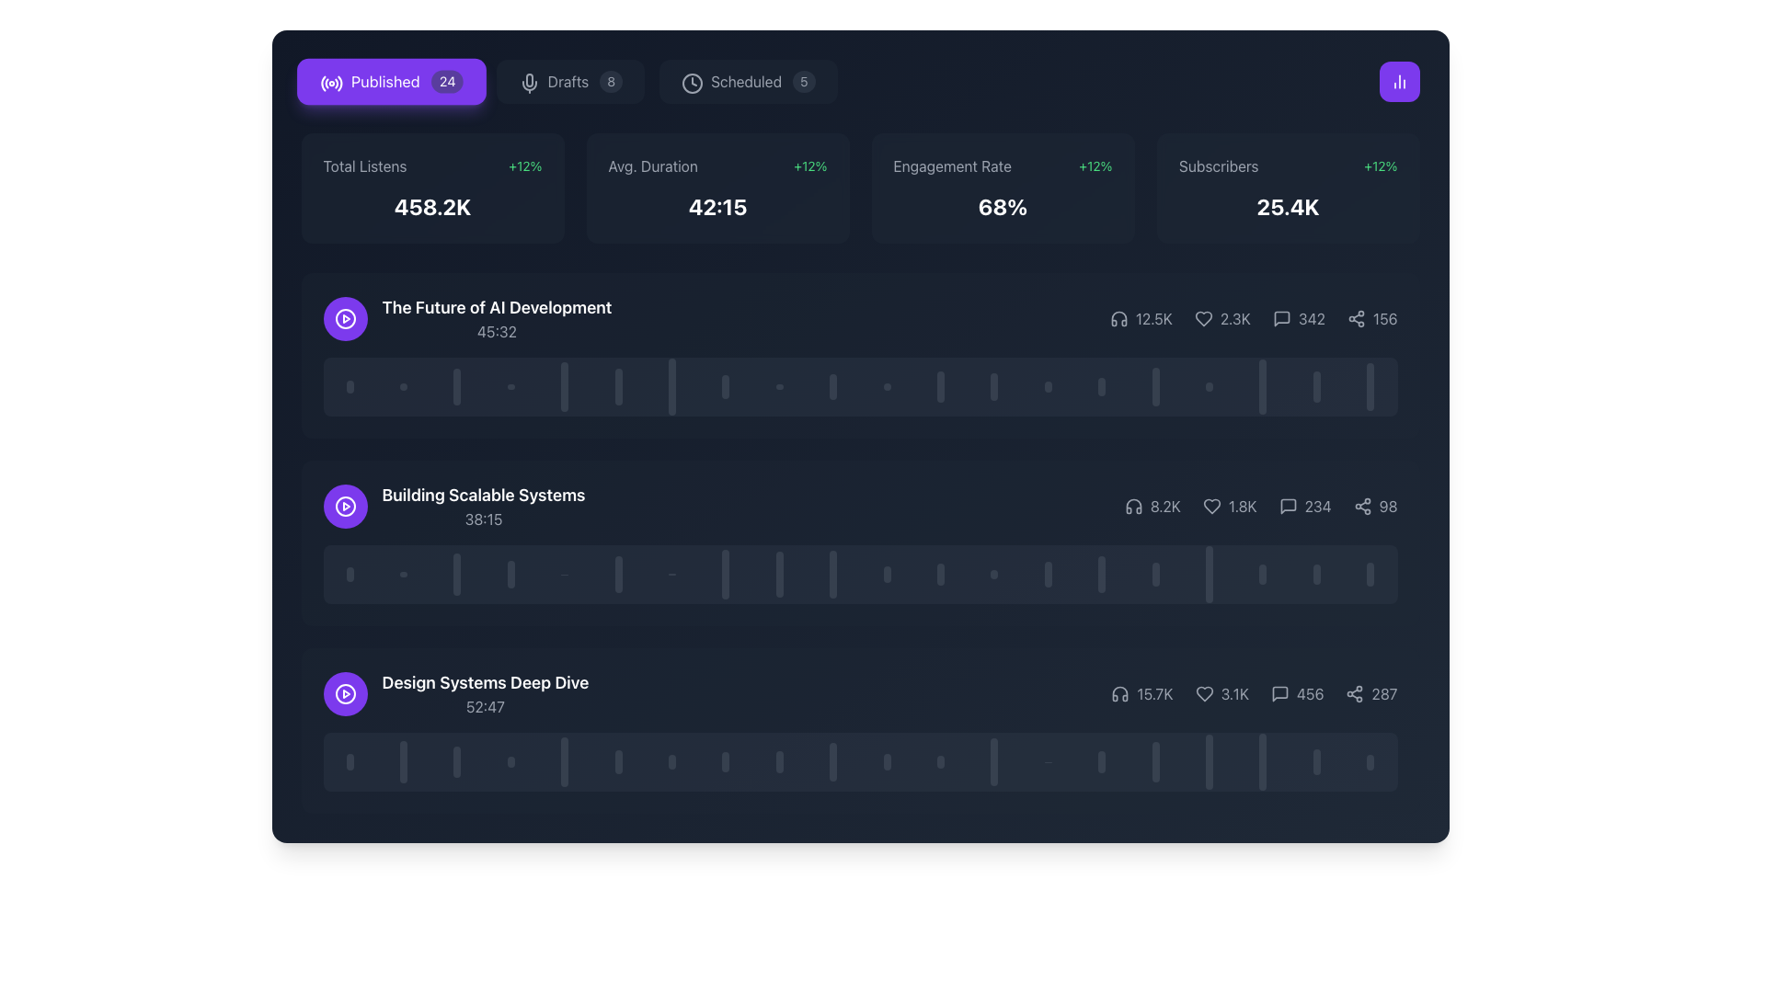  What do you see at coordinates (564, 762) in the screenshot?
I see `the fifth vertical line in the histogram-like component within the 'Design Systems Deep Dive' multimedia block, which has a grayish hue and rounded ends` at bounding box center [564, 762].